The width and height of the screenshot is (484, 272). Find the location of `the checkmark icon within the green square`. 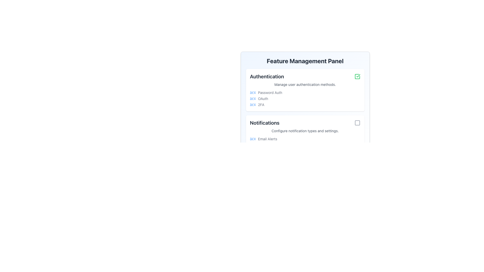

the checkmark icon within the green square is located at coordinates (358, 76).